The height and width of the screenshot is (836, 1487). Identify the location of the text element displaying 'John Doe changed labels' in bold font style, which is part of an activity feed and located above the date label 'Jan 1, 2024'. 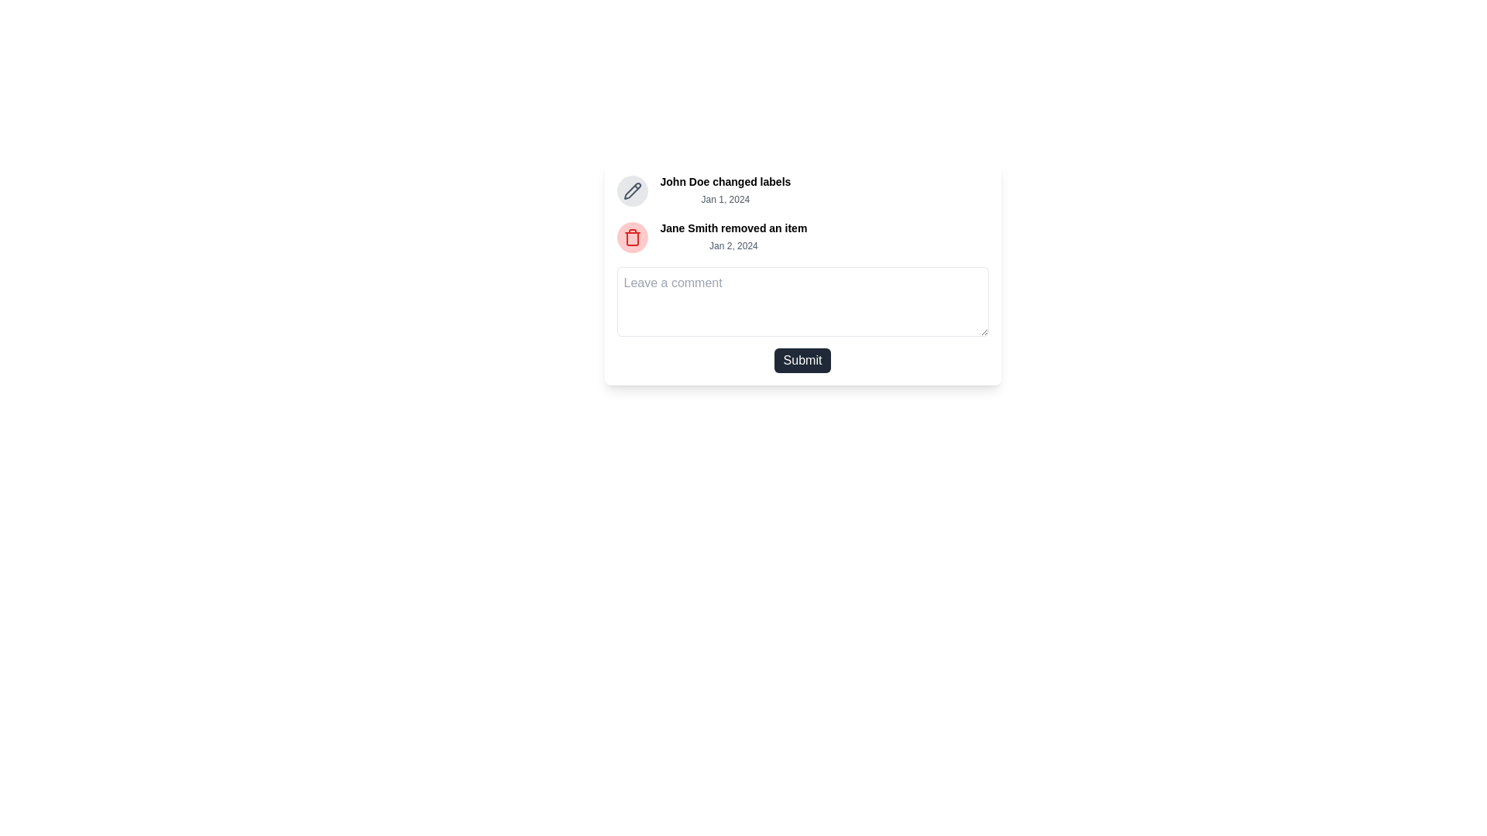
(724, 181).